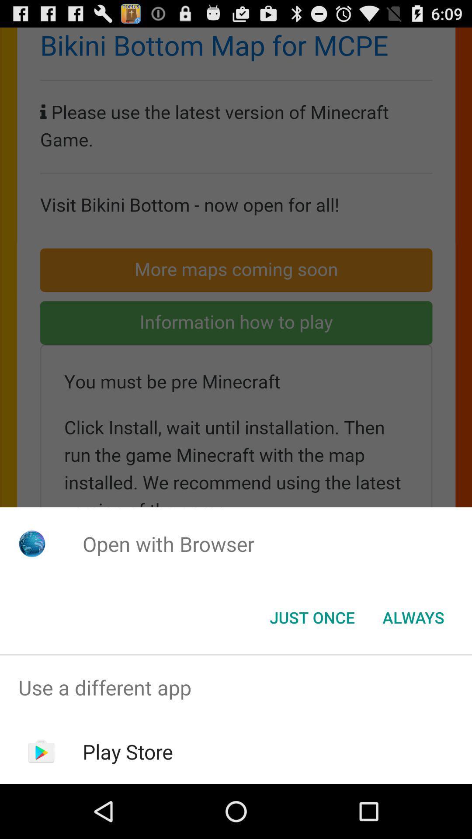 Image resolution: width=472 pixels, height=839 pixels. I want to click on the app below the use a different, so click(128, 751).